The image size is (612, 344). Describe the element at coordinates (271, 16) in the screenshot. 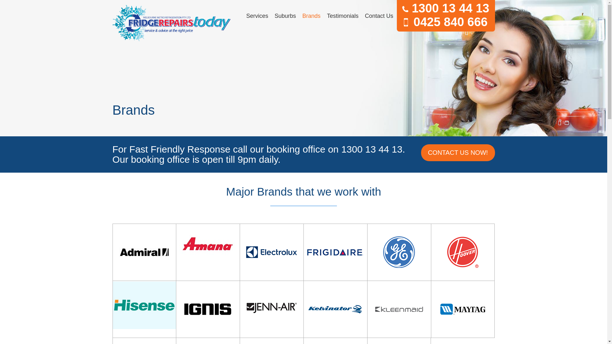

I see `'Suburbs'` at that location.